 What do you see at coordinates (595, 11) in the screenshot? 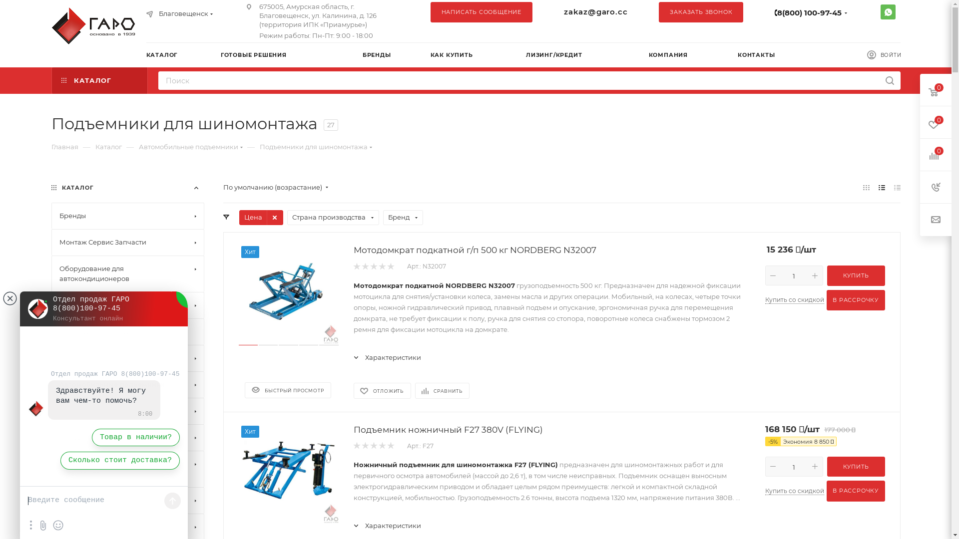
I see `'zakaz@garo.cc'` at bounding box center [595, 11].